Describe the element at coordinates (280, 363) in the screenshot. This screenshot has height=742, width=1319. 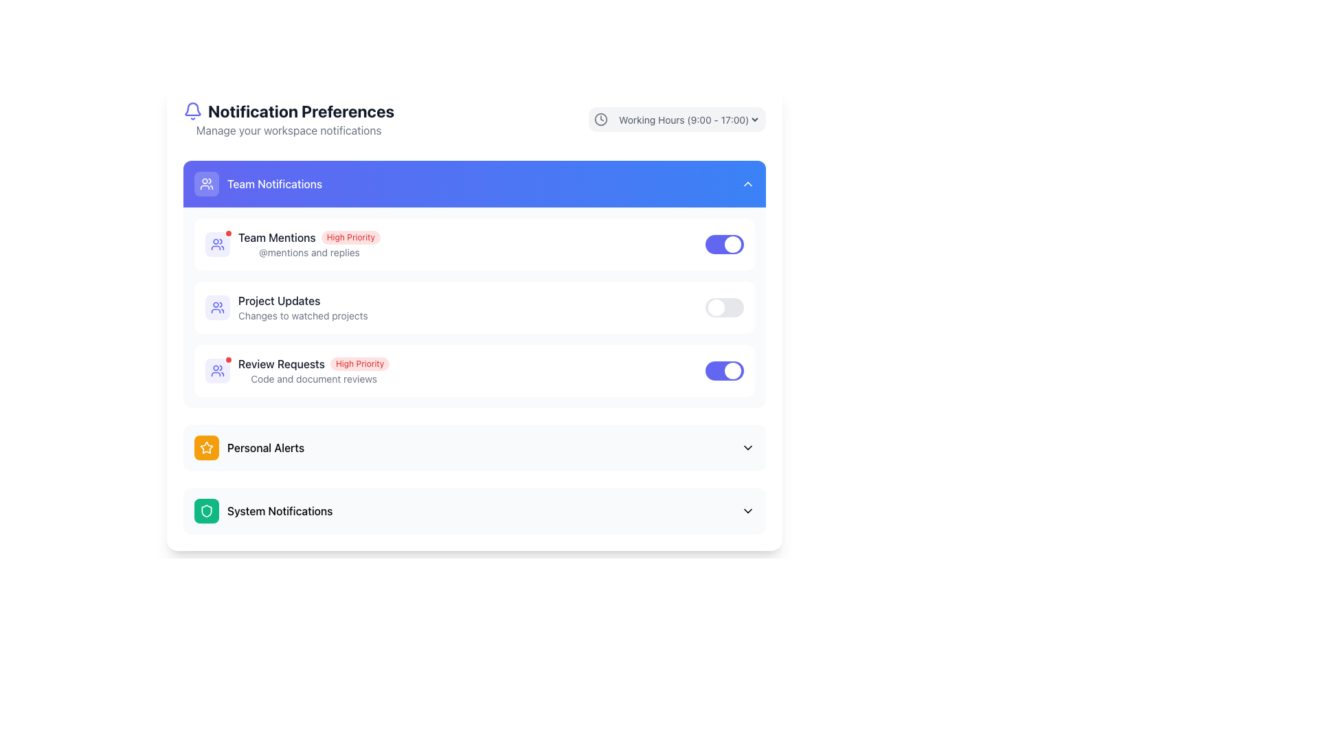
I see `the primary label for the notification setting that specifies the theme or subject of the notification, located to the left of the 'High Priority' badge within the 'Team Notifications' section` at that location.